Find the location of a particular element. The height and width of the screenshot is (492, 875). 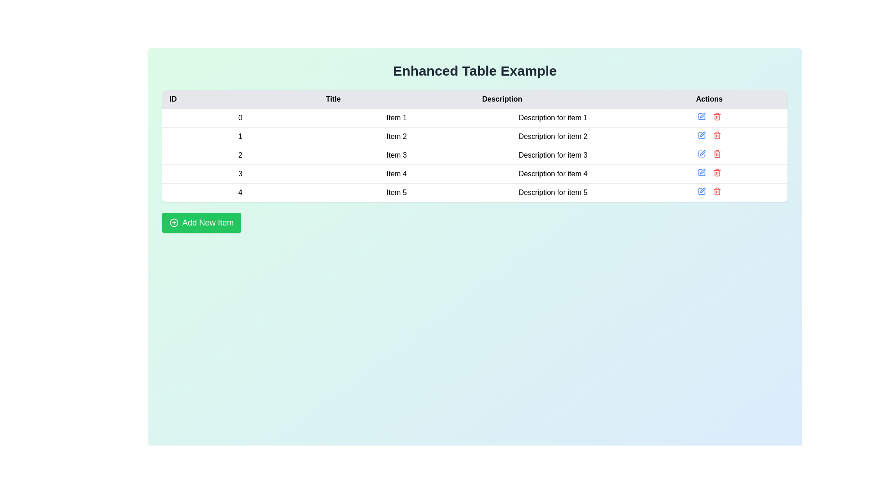

the Text Display element that shows '1', which is located in the first column of the second row of the table, aligned under the 'ID' label is located at coordinates (240, 137).